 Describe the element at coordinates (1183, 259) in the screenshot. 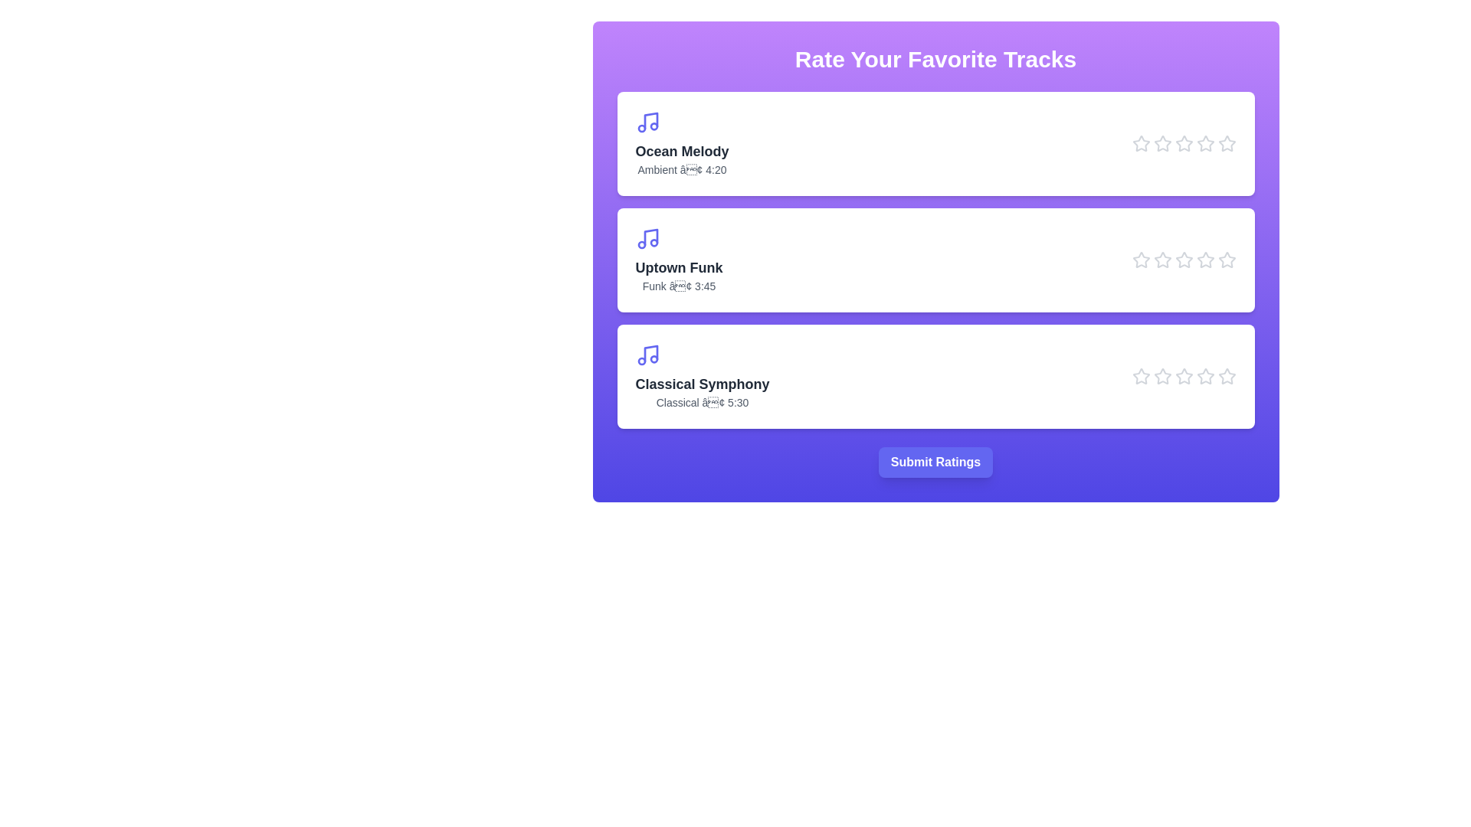

I see `the star icon corresponding to Uptown Funk at 3 stars to preview the rating` at that location.